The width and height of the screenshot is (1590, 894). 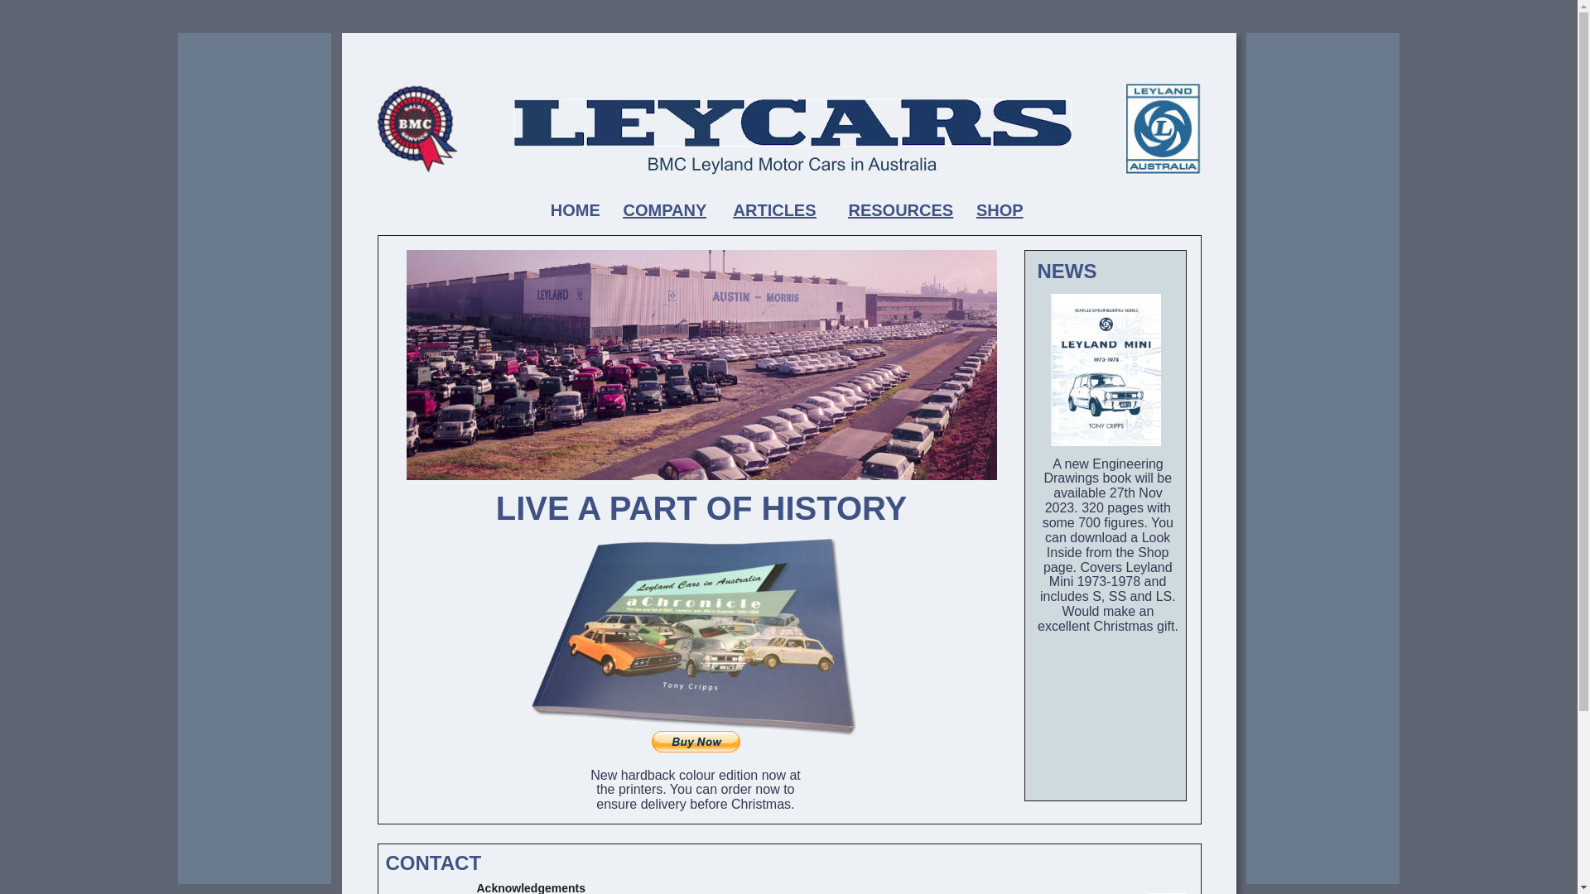 What do you see at coordinates (664, 209) in the screenshot?
I see `'COMPANY'` at bounding box center [664, 209].